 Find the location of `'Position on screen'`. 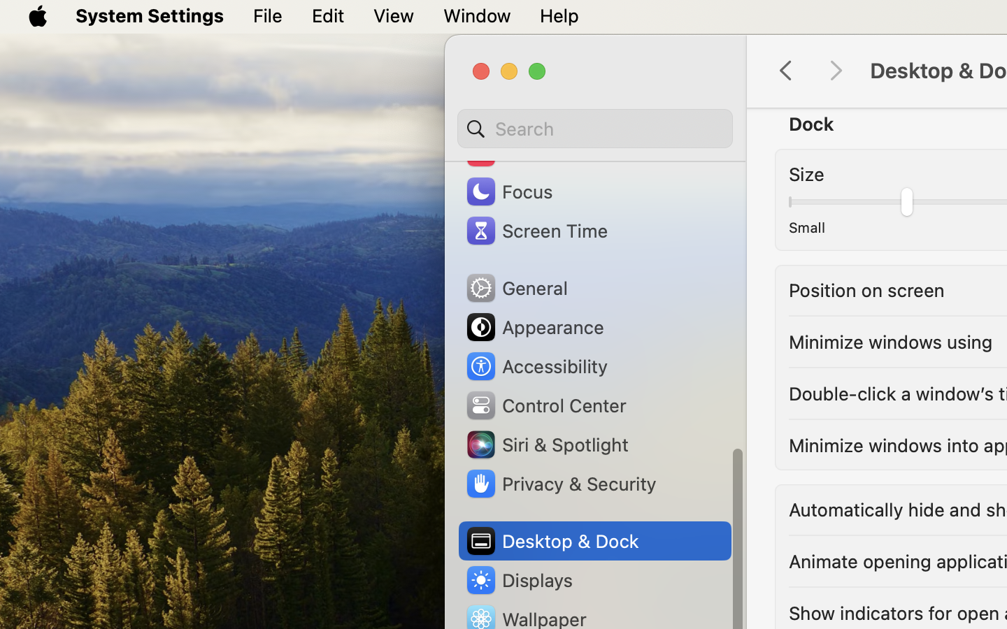

'Position on screen' is located at coordinates (865, 289).